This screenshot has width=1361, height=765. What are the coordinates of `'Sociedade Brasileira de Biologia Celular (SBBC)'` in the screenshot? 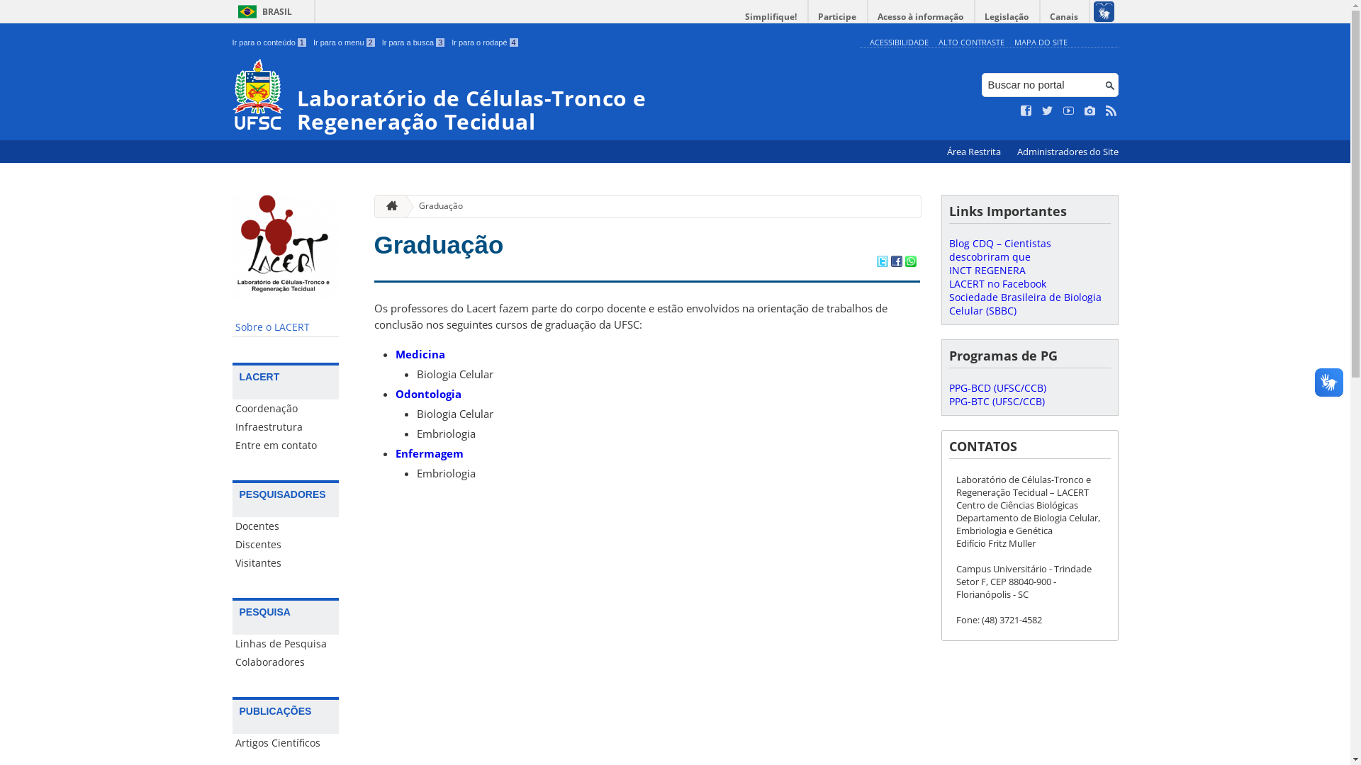 It's located at (1024, 302).